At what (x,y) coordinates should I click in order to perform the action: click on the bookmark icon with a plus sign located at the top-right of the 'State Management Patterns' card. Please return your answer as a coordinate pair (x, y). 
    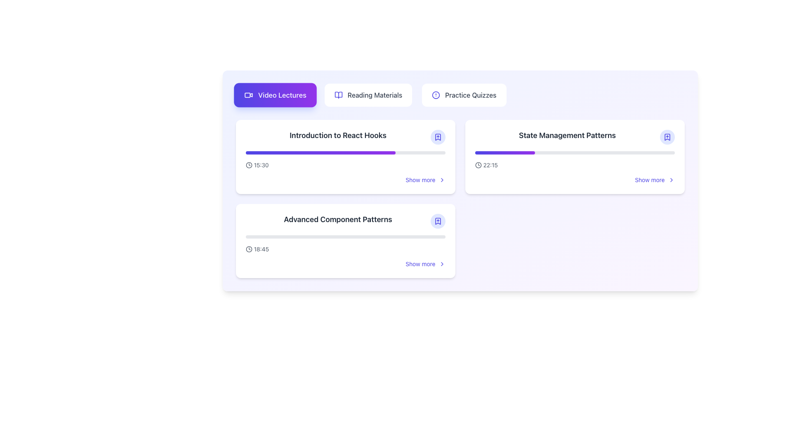
    Looking at the image, I should click on (667, 136).